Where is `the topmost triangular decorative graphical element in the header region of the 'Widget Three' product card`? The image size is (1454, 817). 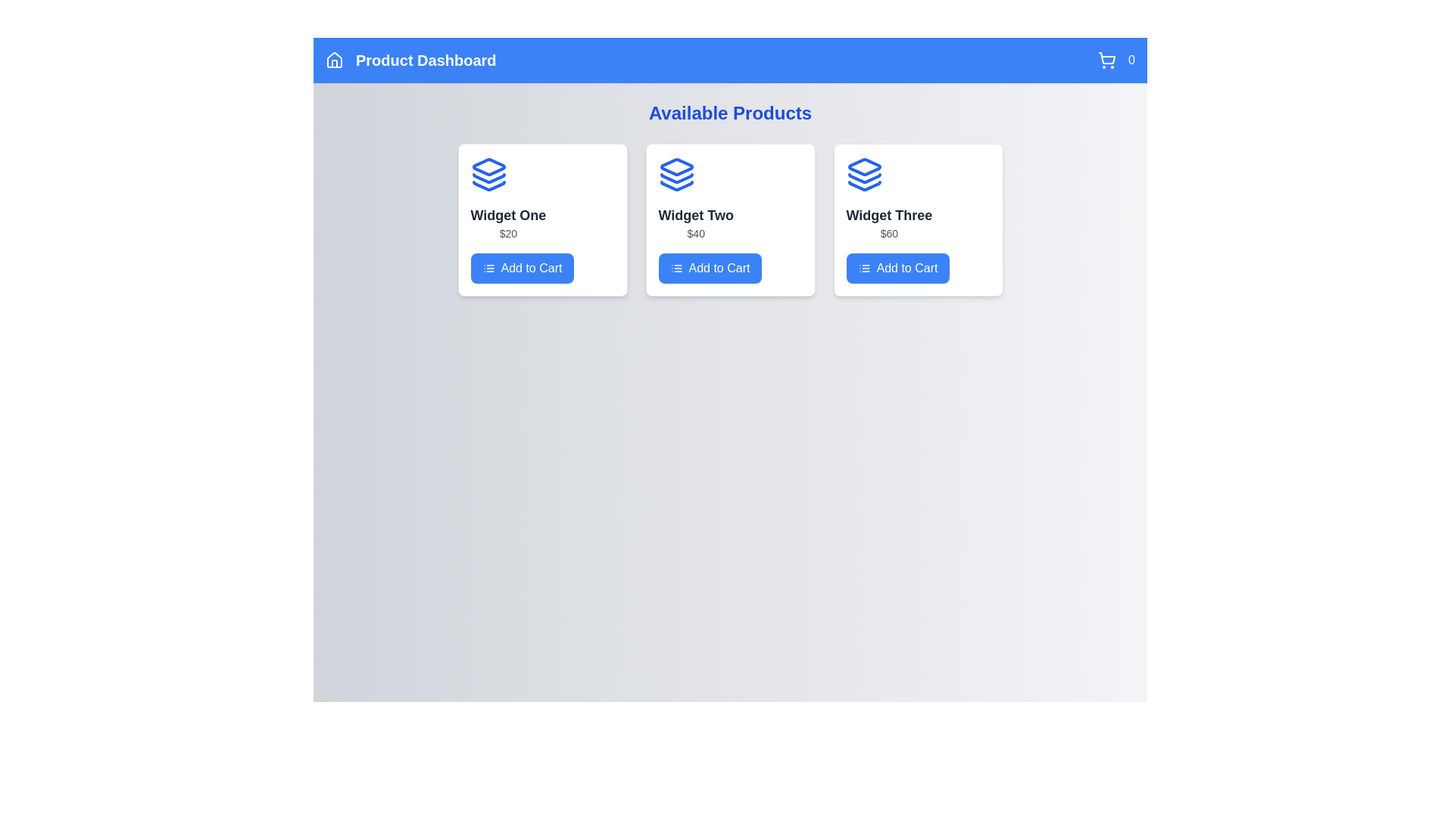
the topmost triangular decorative graphical element in the header region of the 'Widget Three' product card is located at coordinates (864, 166).